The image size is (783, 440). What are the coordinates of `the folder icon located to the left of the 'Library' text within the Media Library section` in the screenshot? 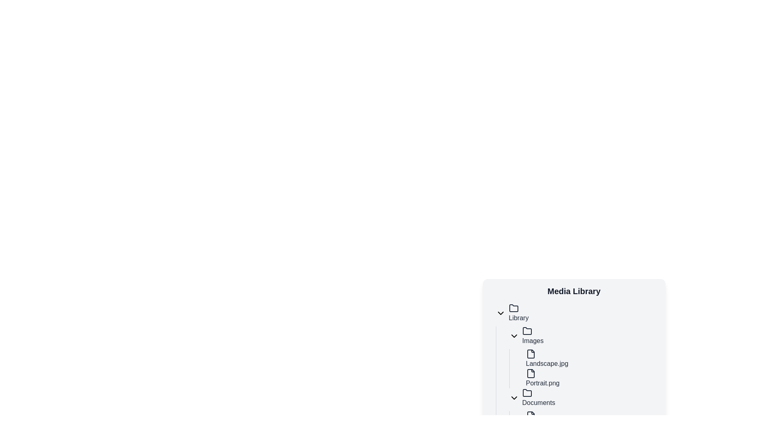 It's located at (513, 308).